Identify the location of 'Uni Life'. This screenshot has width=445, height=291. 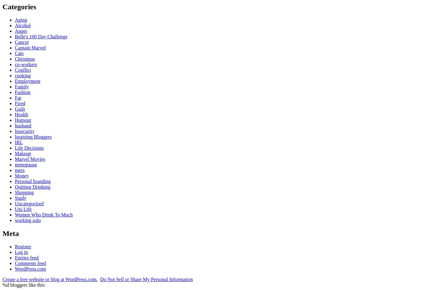
(14, 208).